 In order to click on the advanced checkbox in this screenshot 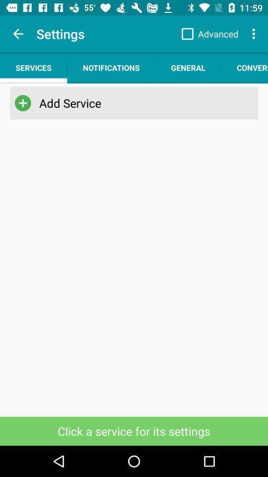, I will do `click(207, 34)`.